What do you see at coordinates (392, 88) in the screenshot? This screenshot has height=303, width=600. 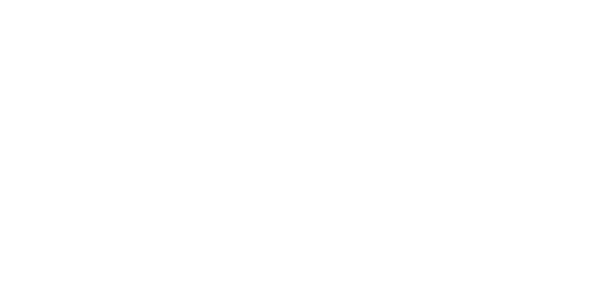 I see `'2015'` at bounding box center [392, 88].